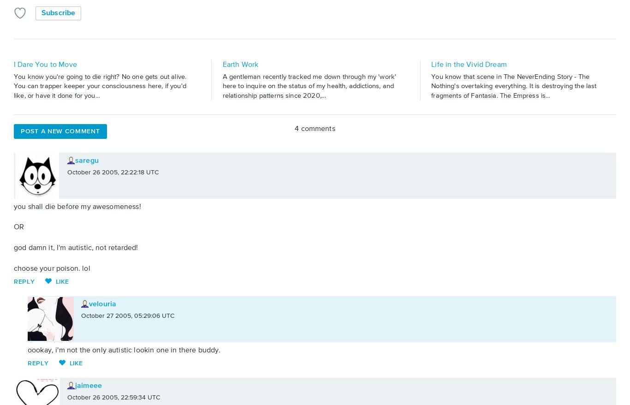  What do you see at coordinates (52, 268) in the screenshot?
I see `'choose your poison.  lol'` at bounding box center [52, 268].